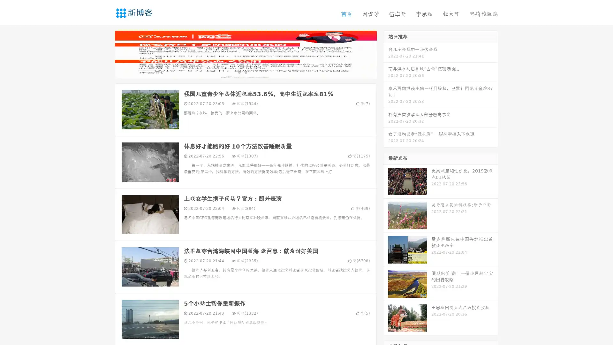 This screenshot has width=613, height=345. What do you see at coordinates (245, 72) in the screenshot?
I see `Go to slide 2` at bounding box center [245, 72].